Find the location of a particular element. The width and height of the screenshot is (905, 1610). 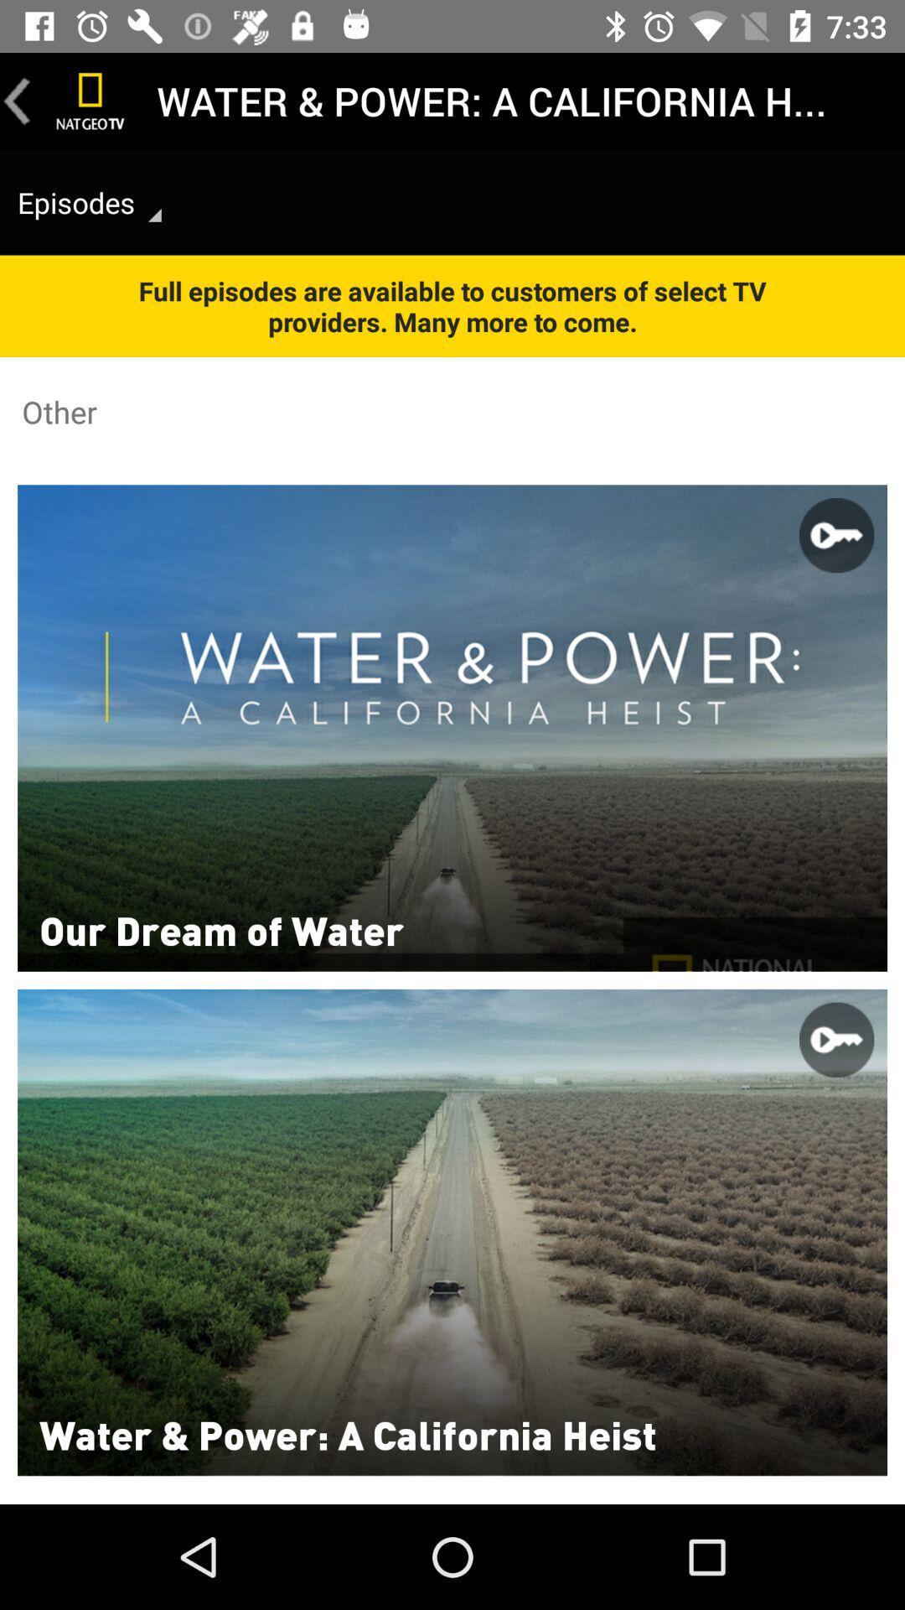

the item above other item is located at coordinates (452, 306).